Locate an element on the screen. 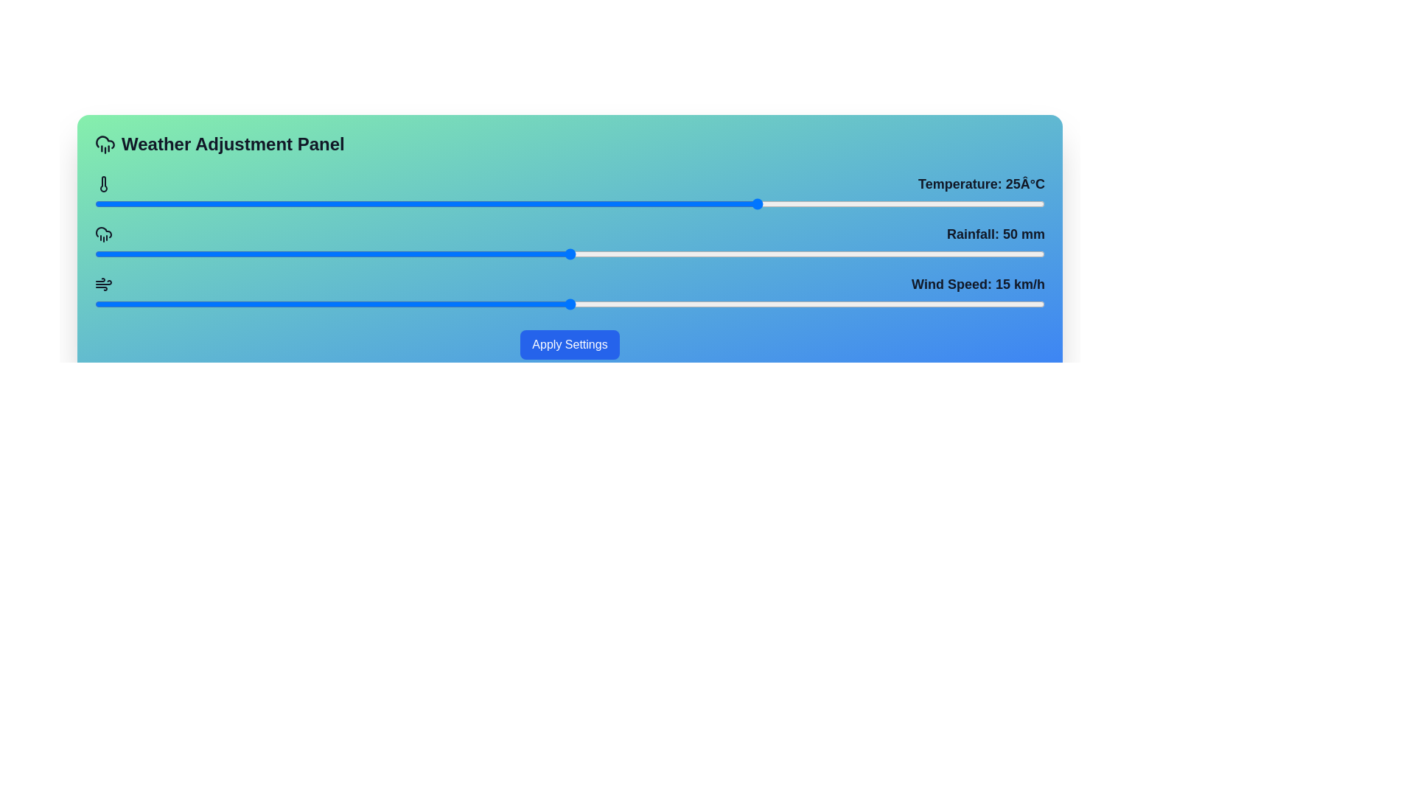  the slider handle of the rainfall adjustment slider, which is located below the 'Rainfall: 50 mm' label is located at coordinates (569, 253).